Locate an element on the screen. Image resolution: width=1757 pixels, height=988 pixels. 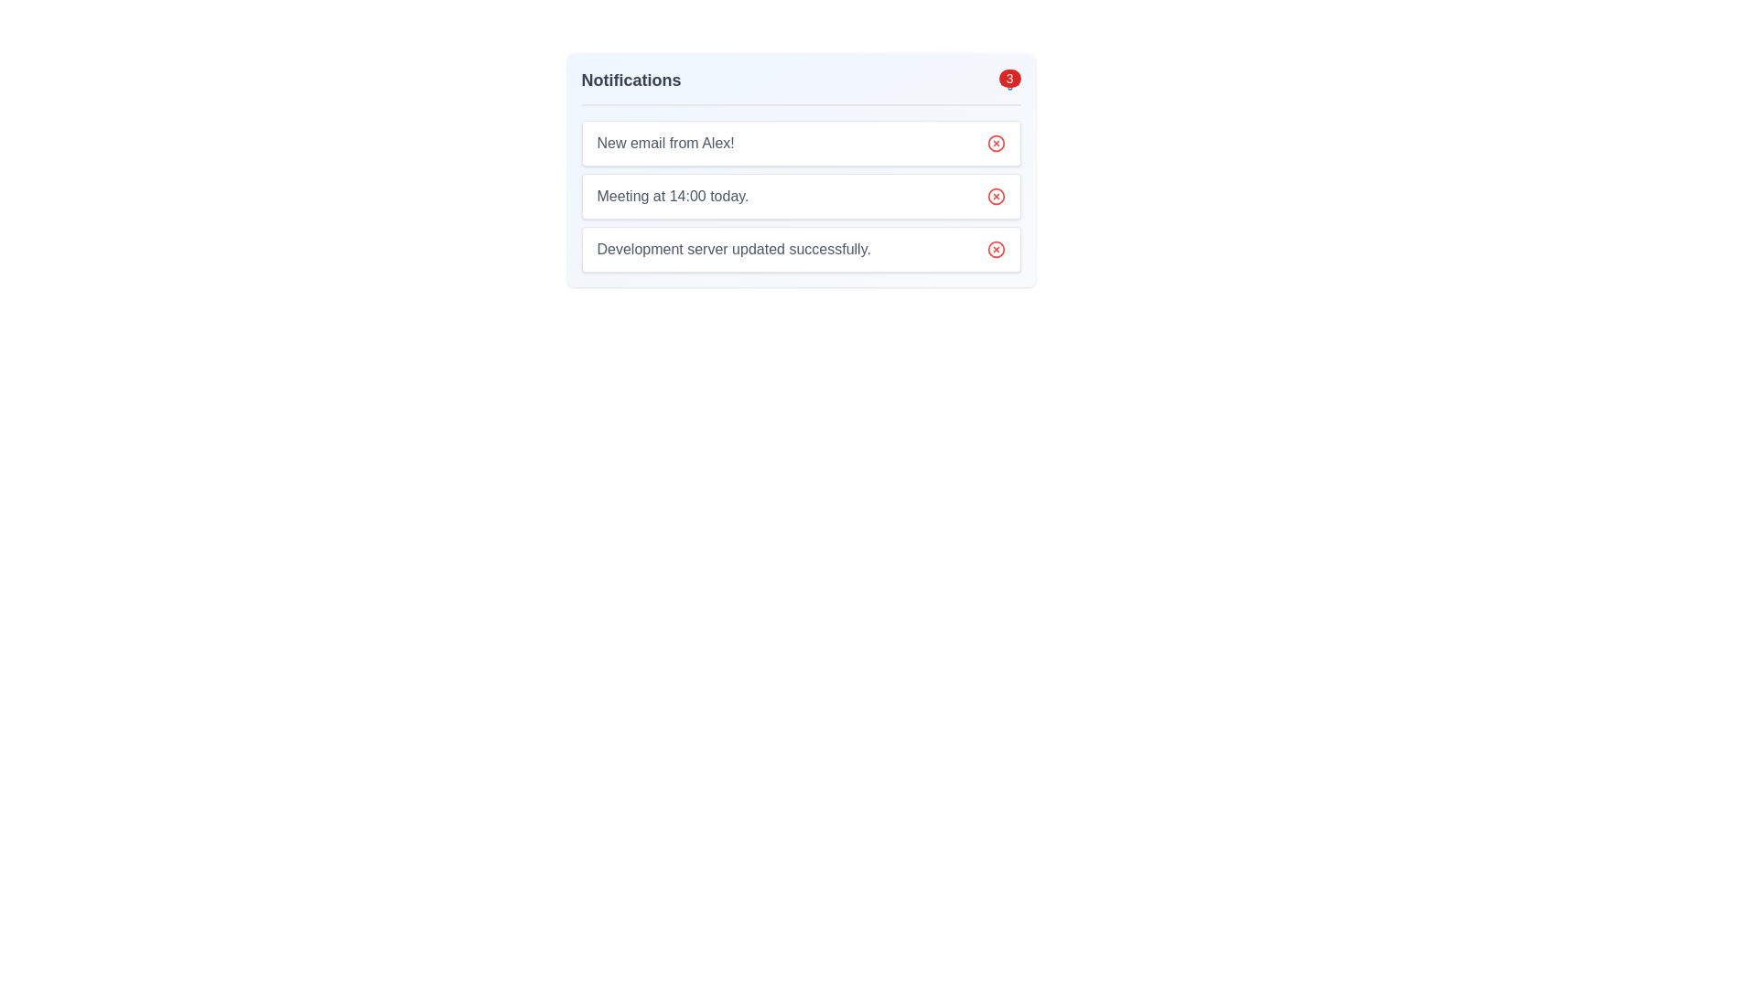
the dismiss button located in the bottom-right corner of the notification regarding 'Development server updated successfully' is located at coordinates (995, 250).